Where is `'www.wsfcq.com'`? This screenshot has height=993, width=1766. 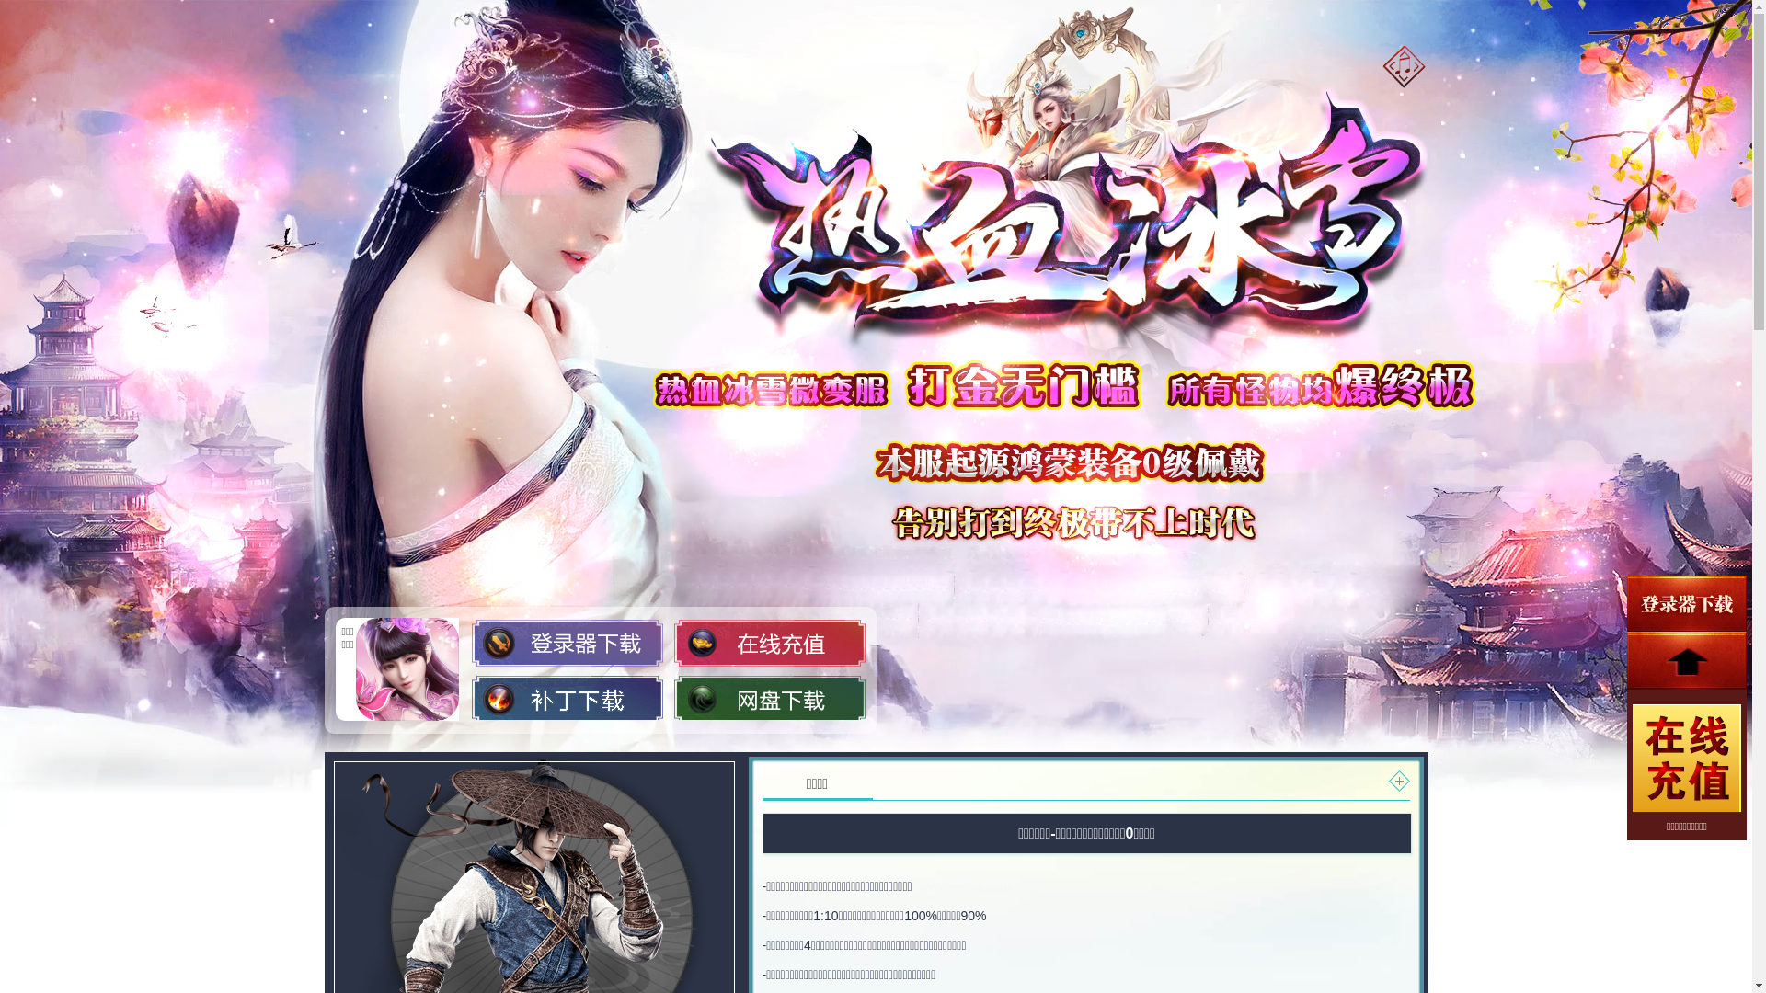 'www.wsfcq.com' is located at coordinates (964, 885).